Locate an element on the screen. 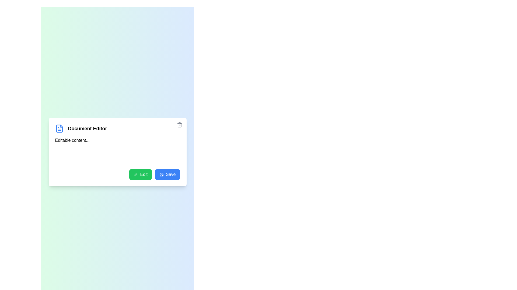  the Edit button to reset the text is located at coordinates (141, 174).